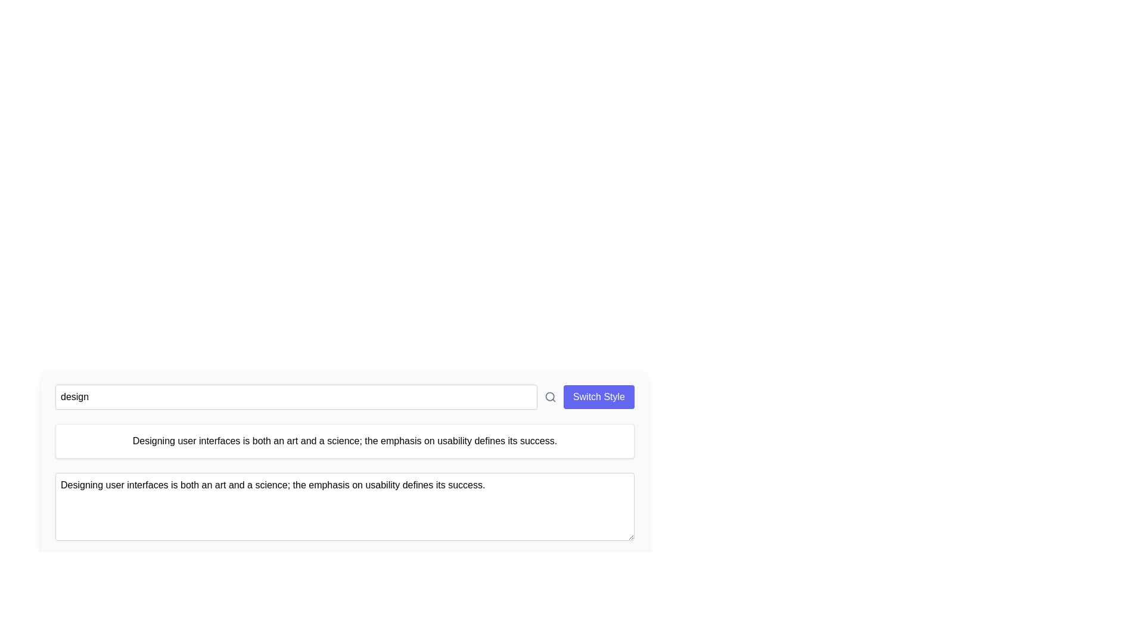 This screenshot has width=1144, height=644. Describe the element at coordinates (296, 397) in the screenshot. I see `to select the text 'design' in the text input field styled with a rounded border and shadow effect, which contains the placeholder 'Enter word` at that location.